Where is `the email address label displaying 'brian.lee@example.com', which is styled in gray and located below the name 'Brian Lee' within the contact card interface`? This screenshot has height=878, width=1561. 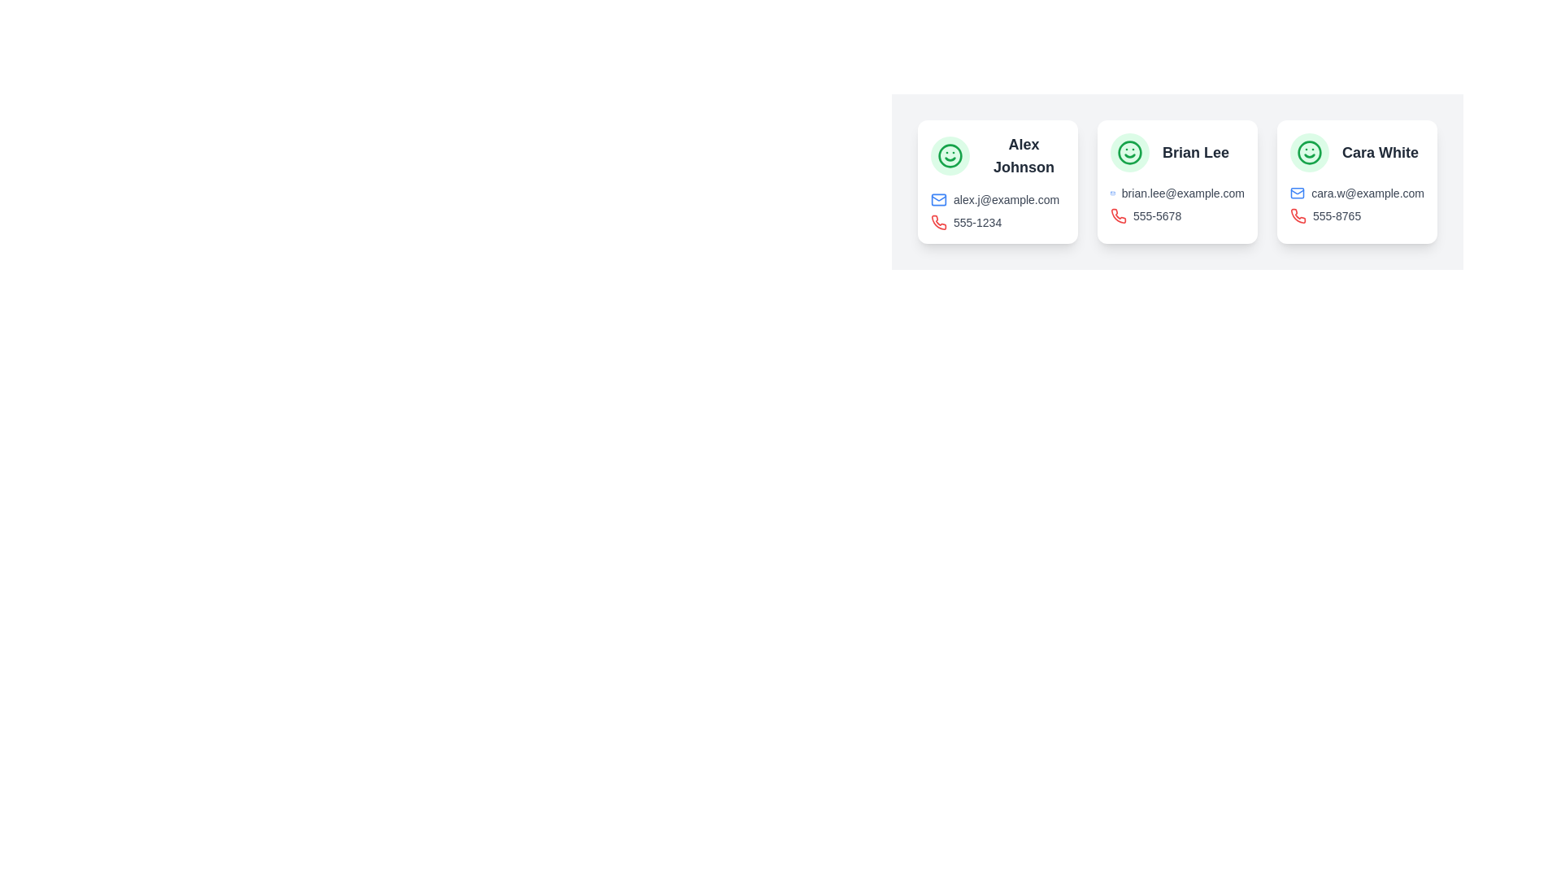
the email address label displaying 'brian.lee@example.com', which is styled in gray and located below the name 'Brian Lee' within the contact card interface is located at coordinates (1183, 193).